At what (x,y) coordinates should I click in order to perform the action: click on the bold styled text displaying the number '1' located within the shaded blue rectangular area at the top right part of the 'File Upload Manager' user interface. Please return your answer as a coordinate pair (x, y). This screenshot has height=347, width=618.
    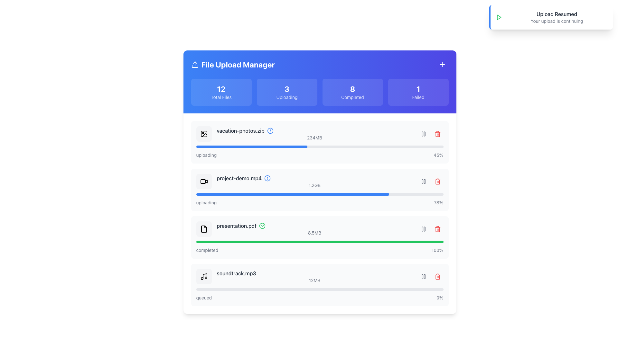
    Looking at the image, I should click on (418, 89).